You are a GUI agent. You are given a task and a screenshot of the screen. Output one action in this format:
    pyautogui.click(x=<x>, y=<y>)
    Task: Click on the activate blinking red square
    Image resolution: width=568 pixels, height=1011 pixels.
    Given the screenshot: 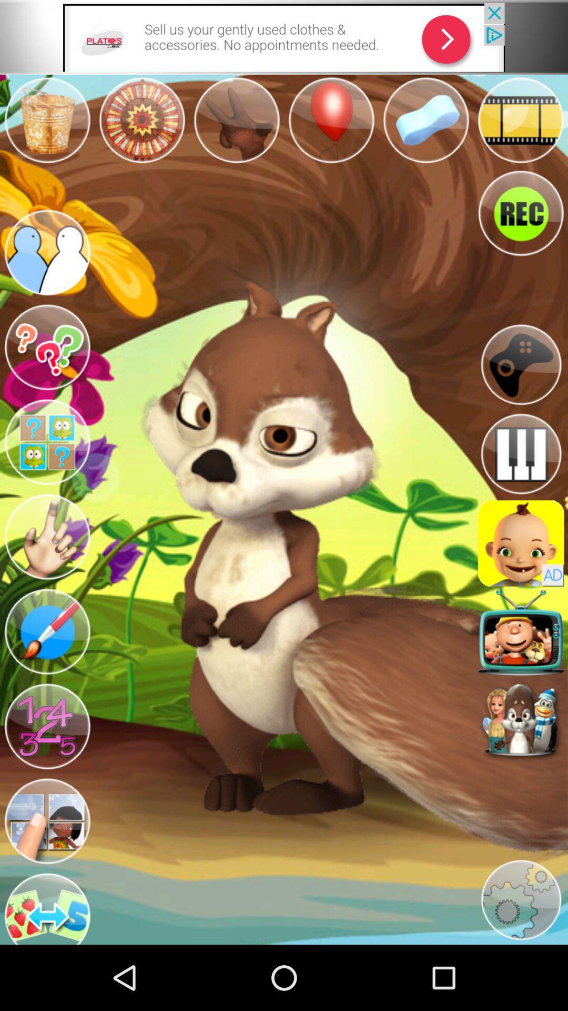 What is the action you would take?
    pyautogui.click(x=521, y=632)
    